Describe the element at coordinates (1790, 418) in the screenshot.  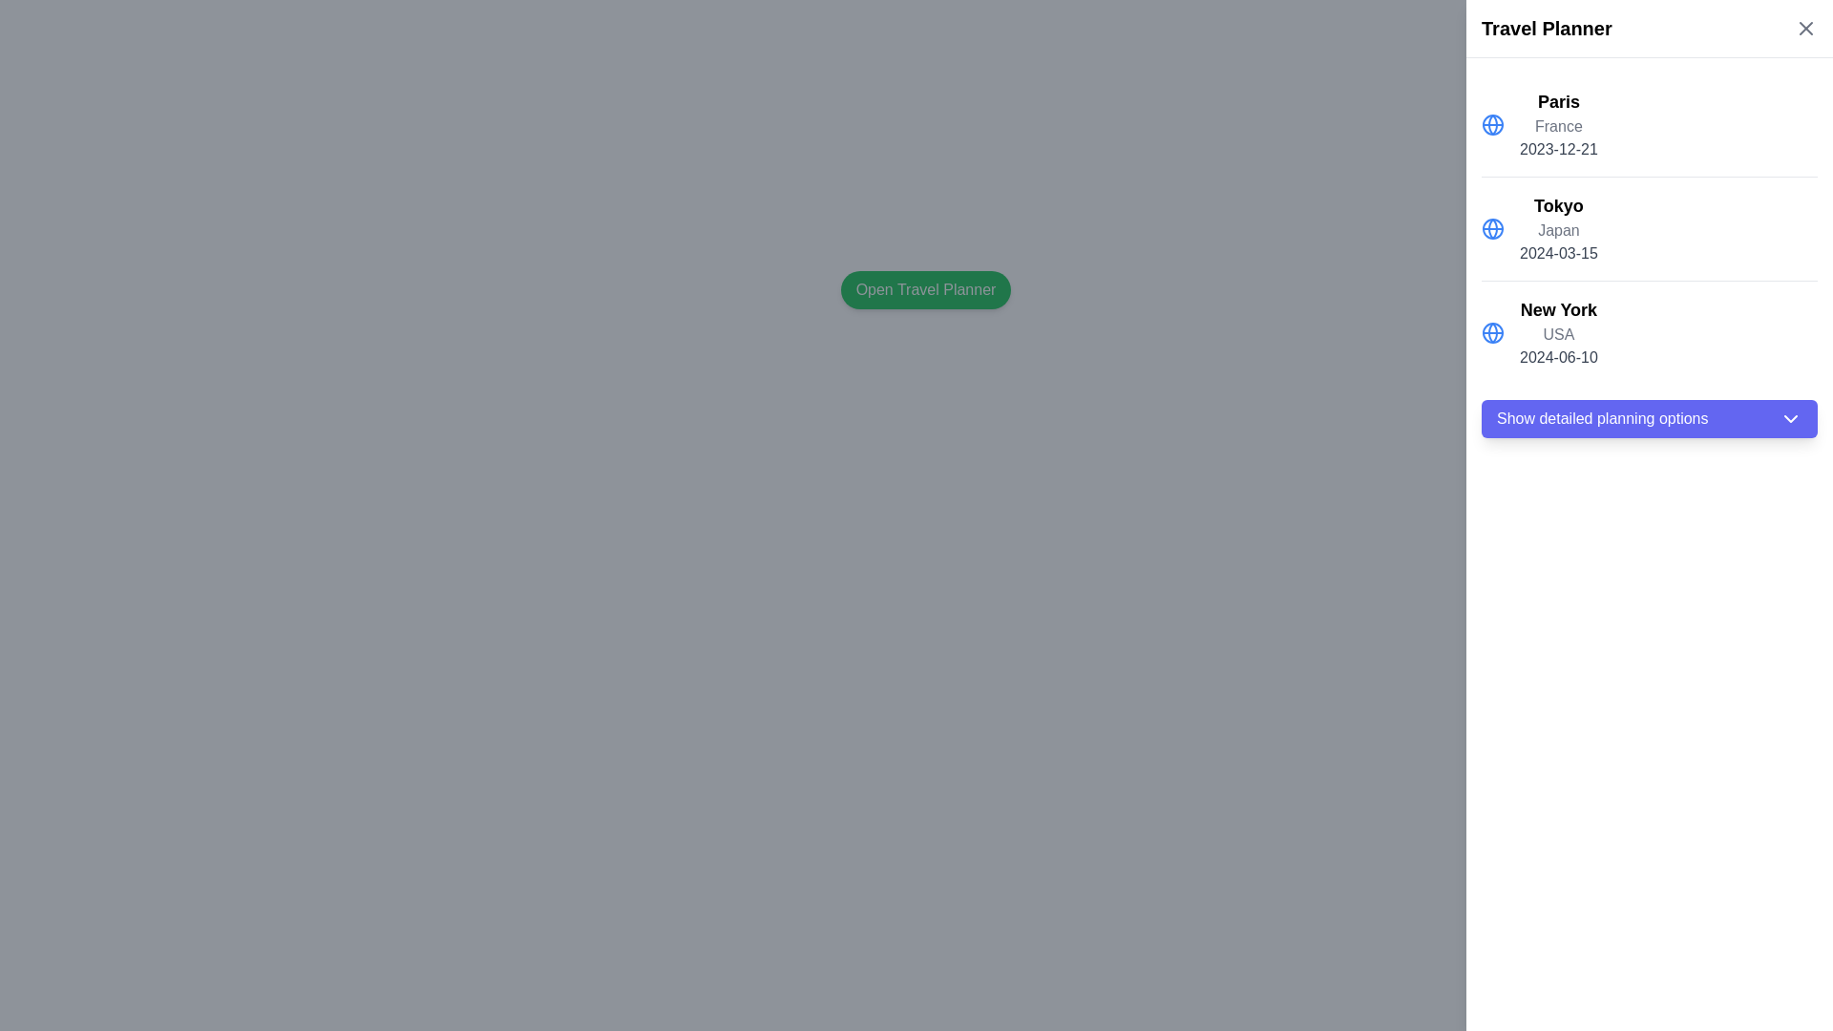
I see `the chevron icon located inside the 'Show detailed planning options' button` at that location.